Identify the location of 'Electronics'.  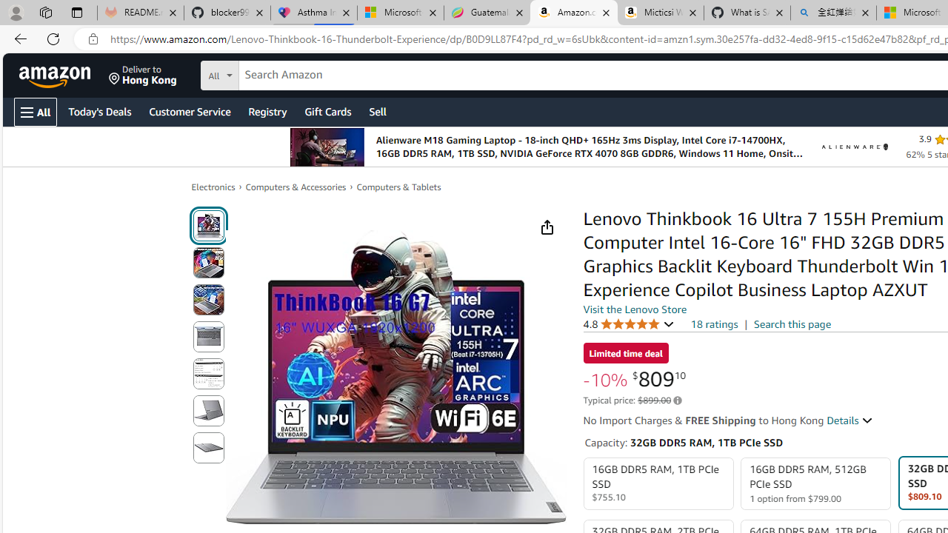
(213, 187).